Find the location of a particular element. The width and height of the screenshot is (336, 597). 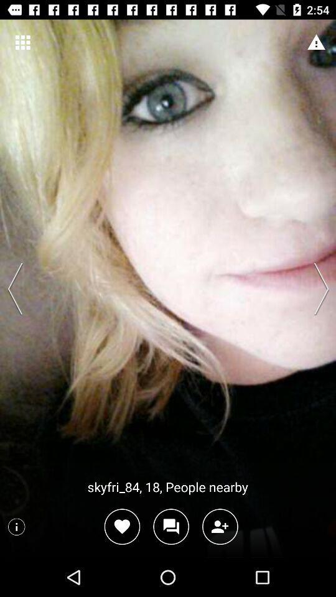

like post is located at coordinates (122, 526).